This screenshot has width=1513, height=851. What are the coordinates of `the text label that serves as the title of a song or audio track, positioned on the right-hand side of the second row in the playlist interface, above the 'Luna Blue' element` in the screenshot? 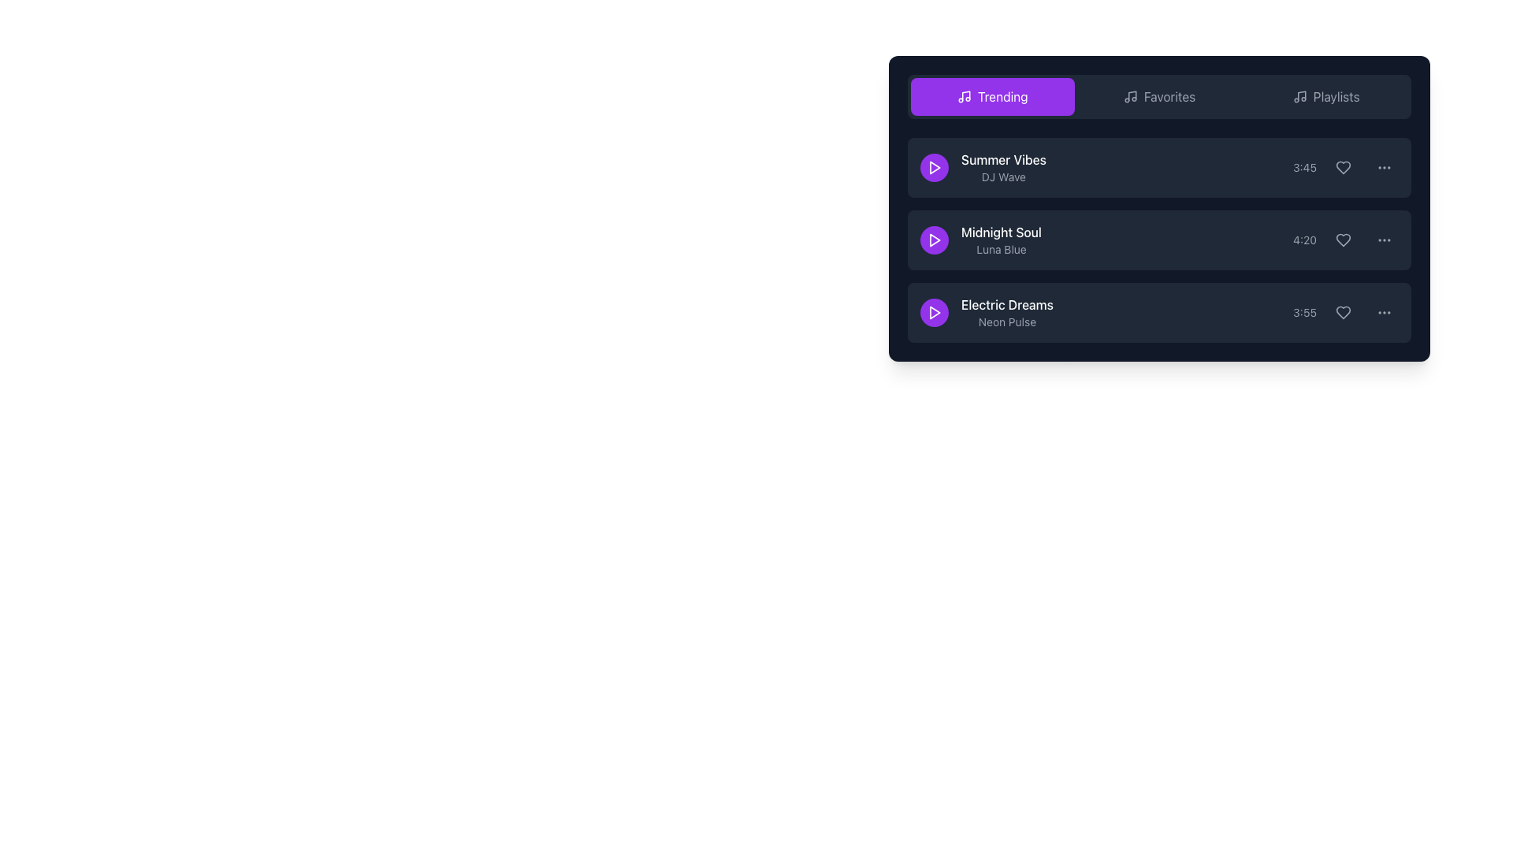 It's located at (1001, 232).